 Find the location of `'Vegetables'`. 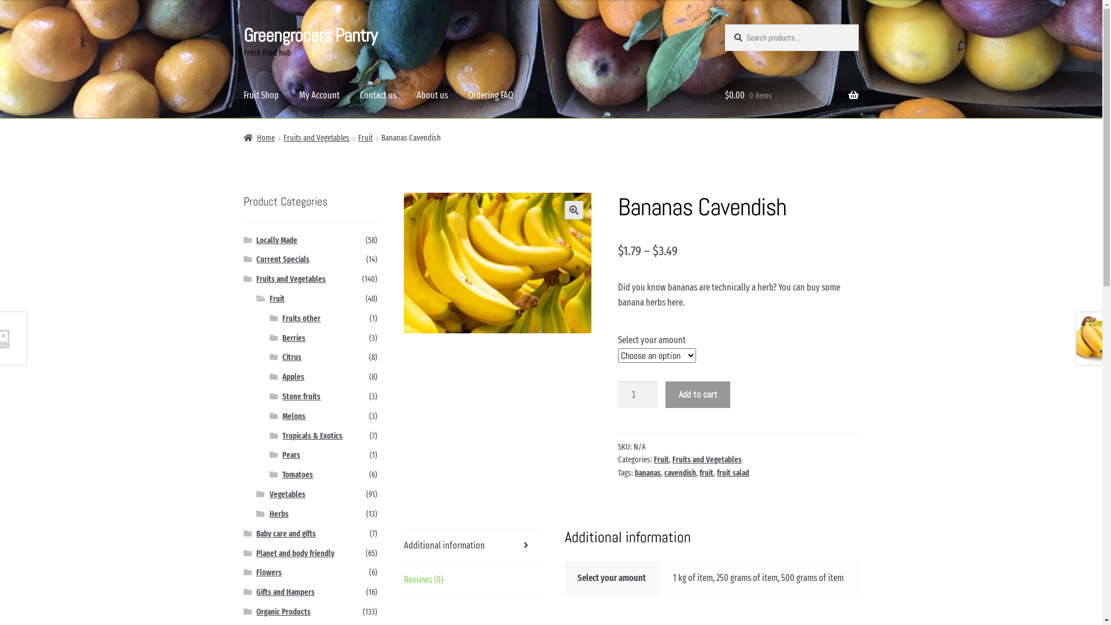

'Vegetables' is located at coordinates (288, 494).